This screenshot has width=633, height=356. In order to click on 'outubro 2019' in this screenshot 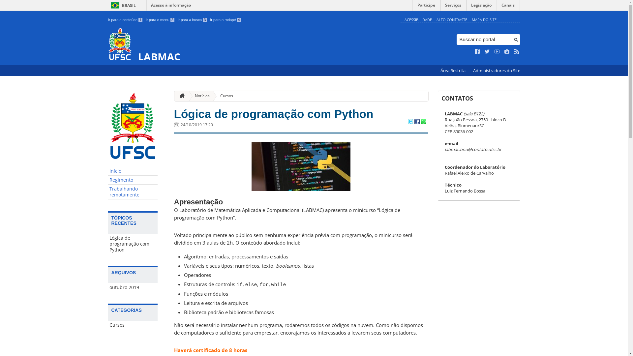, I will do `click(133, 287)`.